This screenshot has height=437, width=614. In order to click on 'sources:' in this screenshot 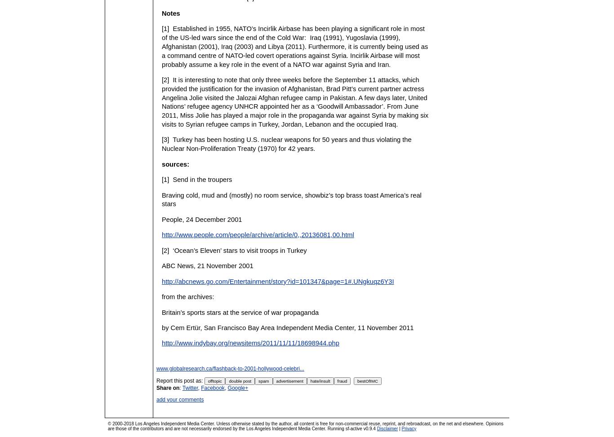, I will do `click(175, 163)`.